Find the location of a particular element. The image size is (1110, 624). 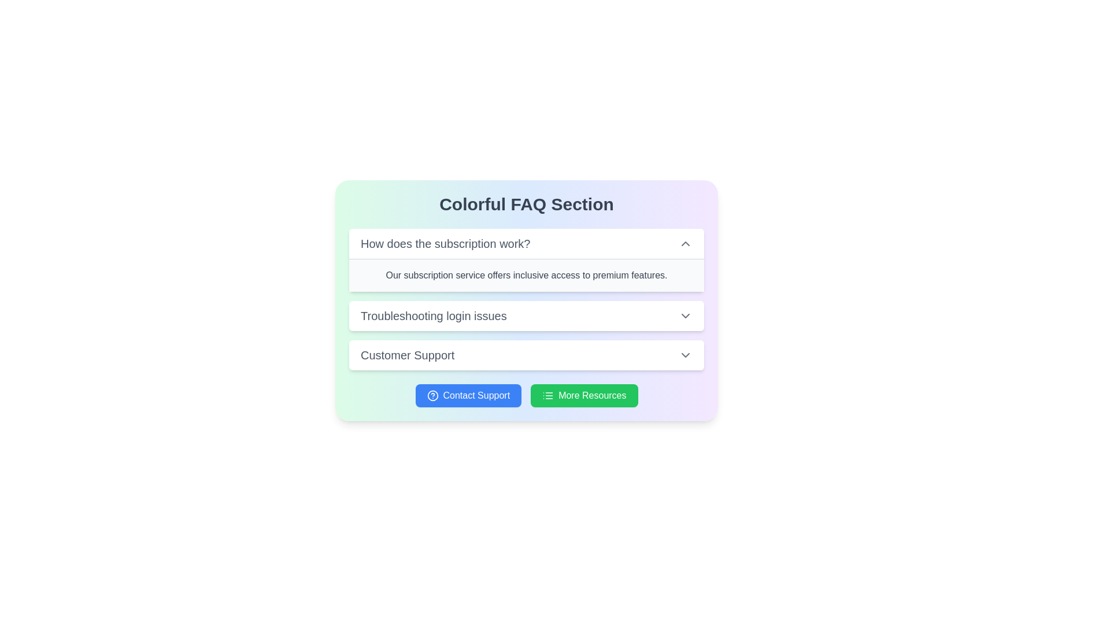

the collapsible items in the FAQ section that has a gradient background from green to purple, located centrally on the page is located at coordinates (526, 298).